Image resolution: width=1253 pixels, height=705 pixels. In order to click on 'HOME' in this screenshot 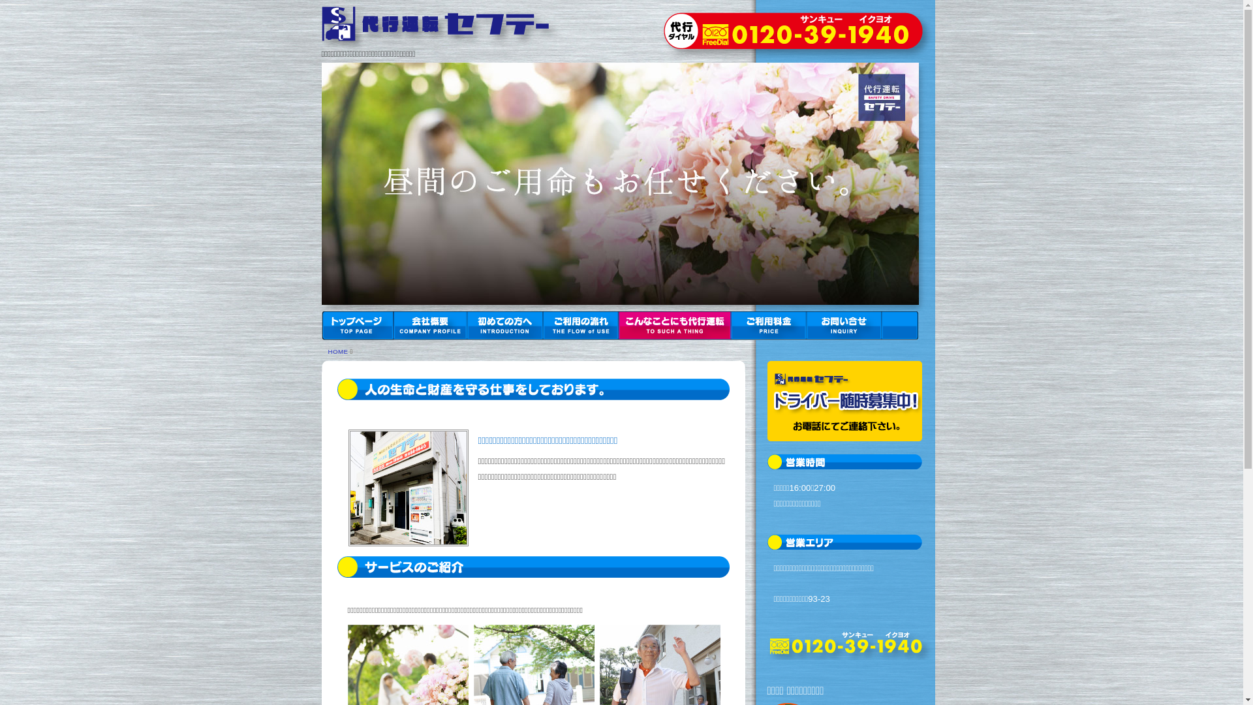, I will do `click(337, 351)`.